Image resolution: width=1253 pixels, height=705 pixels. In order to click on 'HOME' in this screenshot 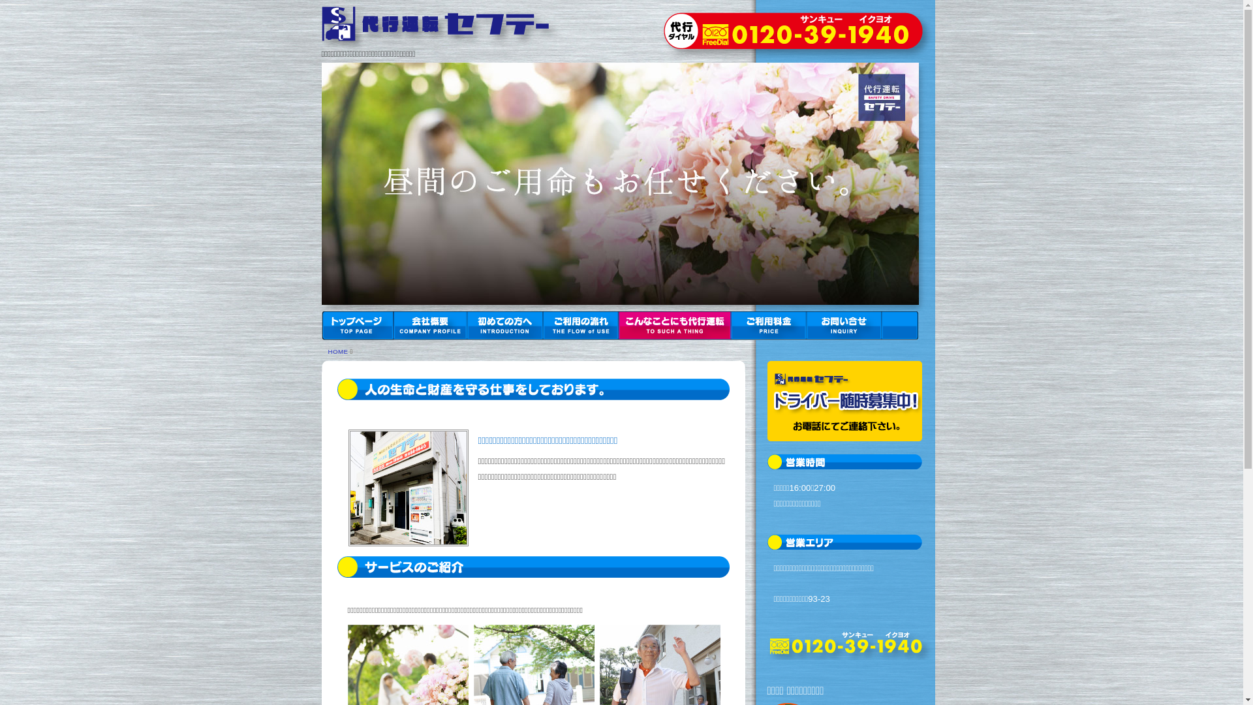, I will do `click(337, 351)`.